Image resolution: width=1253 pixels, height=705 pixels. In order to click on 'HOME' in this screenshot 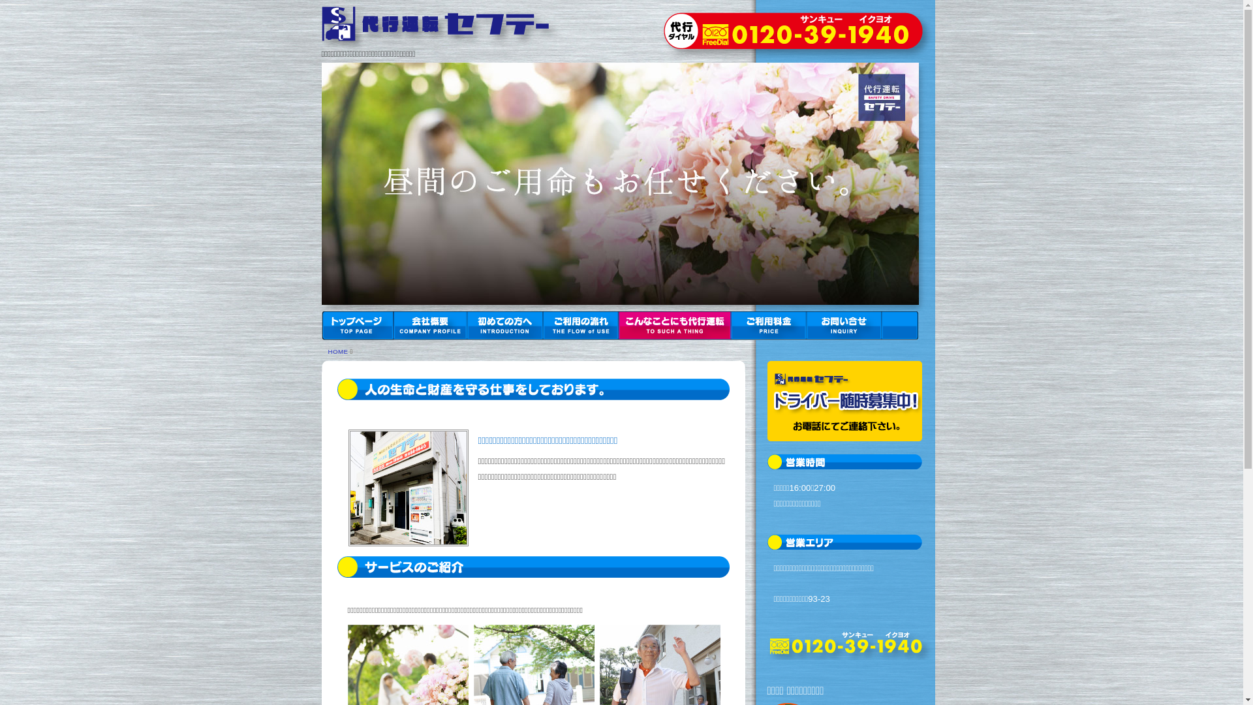, I will do `click(337, 351)`.